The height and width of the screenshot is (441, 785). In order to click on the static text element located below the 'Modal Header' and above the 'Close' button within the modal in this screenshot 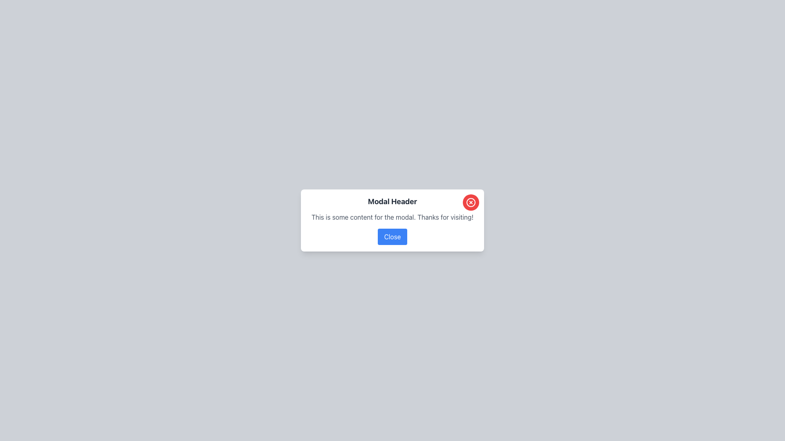, I will do `click(392, 217)`.